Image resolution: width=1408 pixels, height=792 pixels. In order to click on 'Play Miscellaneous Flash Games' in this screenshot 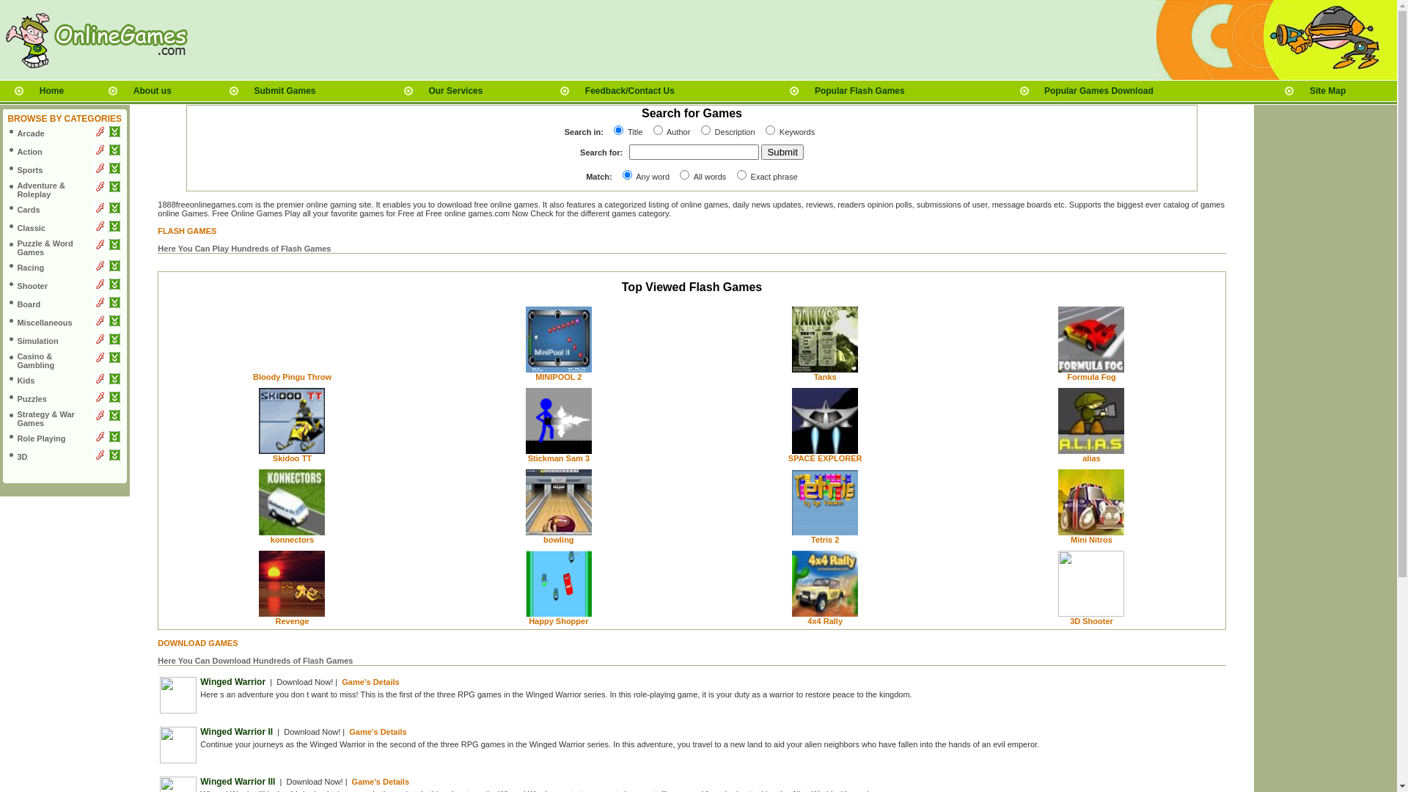, I will do `click(99, 322)`.